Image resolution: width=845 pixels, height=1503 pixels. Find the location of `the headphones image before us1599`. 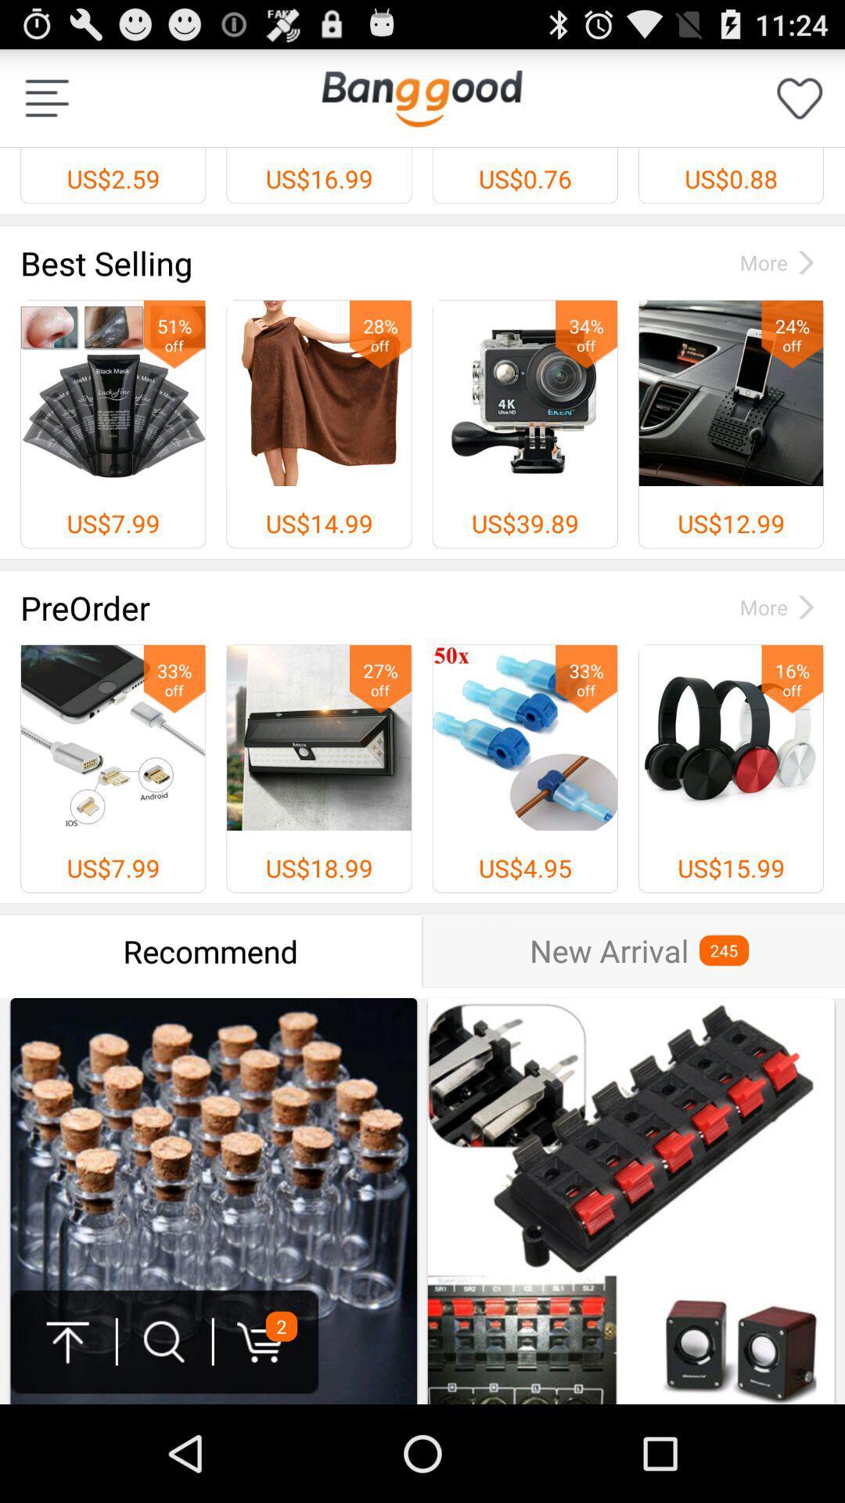

the headphones image before us1599 is located at coordinates (731, 737).